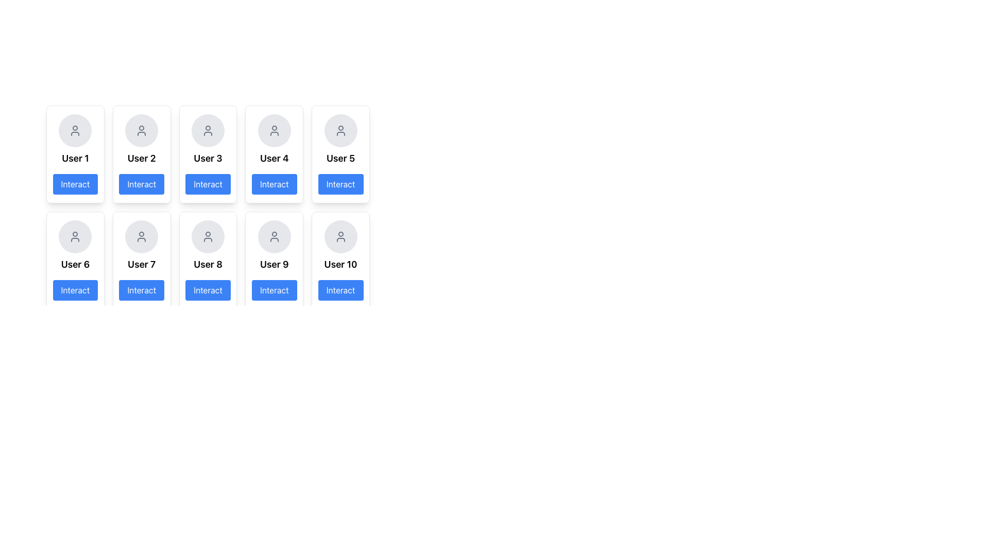 This screenshot has width=989, height=556. Describe the element at coordinates (75, 236) in the screenshot. I see `the user avatar icon located inside the card labeled 'User 6', positioned at the top center of the card, above the name and 'Interact' button` at that location.